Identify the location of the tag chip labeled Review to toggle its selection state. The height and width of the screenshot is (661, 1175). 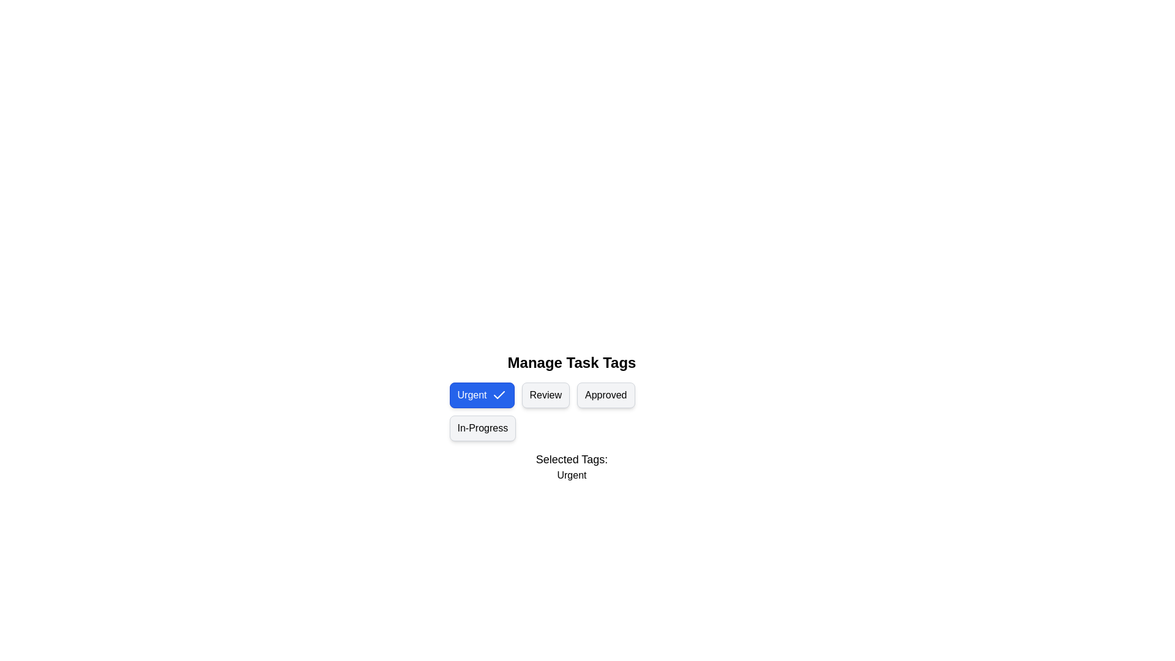
(545, 395).